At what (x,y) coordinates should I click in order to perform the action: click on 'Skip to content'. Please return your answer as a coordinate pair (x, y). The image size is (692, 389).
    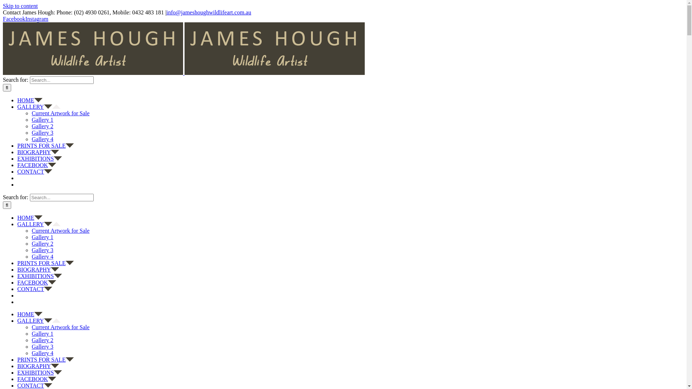
    Looking at the image, I should click on (20, 6).